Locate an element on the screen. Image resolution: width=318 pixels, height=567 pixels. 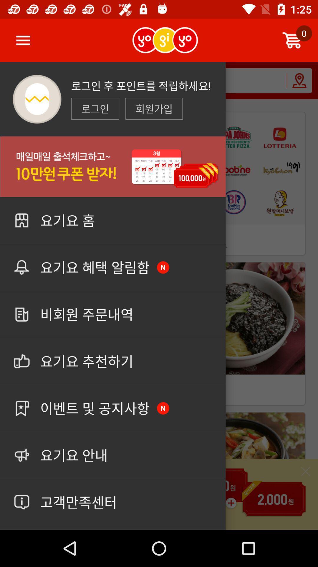
the text which is above the calander is located at coordinates (154, 109).